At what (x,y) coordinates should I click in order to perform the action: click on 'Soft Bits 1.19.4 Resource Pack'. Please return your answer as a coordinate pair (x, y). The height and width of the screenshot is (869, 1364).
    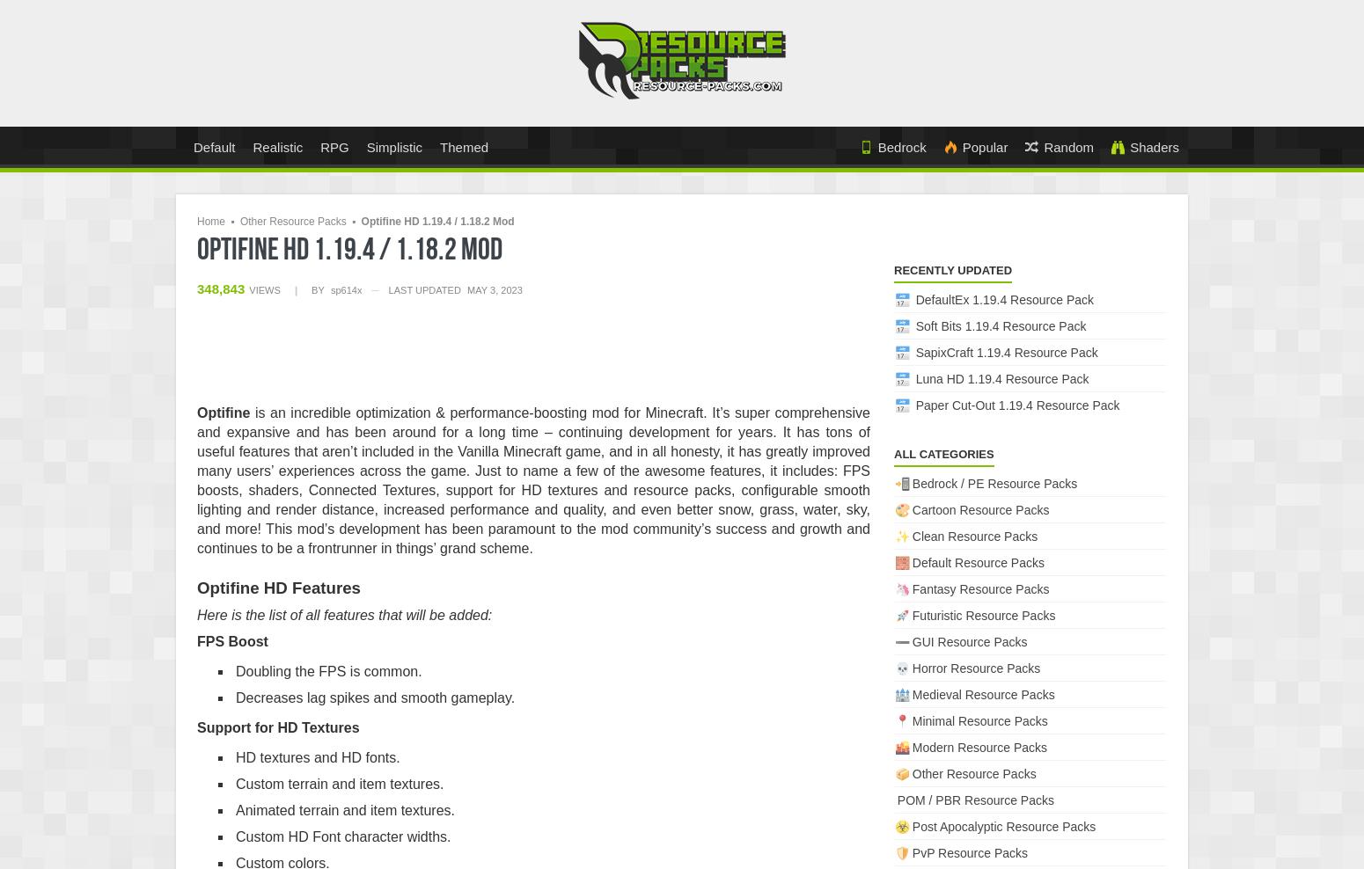
    Looking at the image, I should click on (999, 325).